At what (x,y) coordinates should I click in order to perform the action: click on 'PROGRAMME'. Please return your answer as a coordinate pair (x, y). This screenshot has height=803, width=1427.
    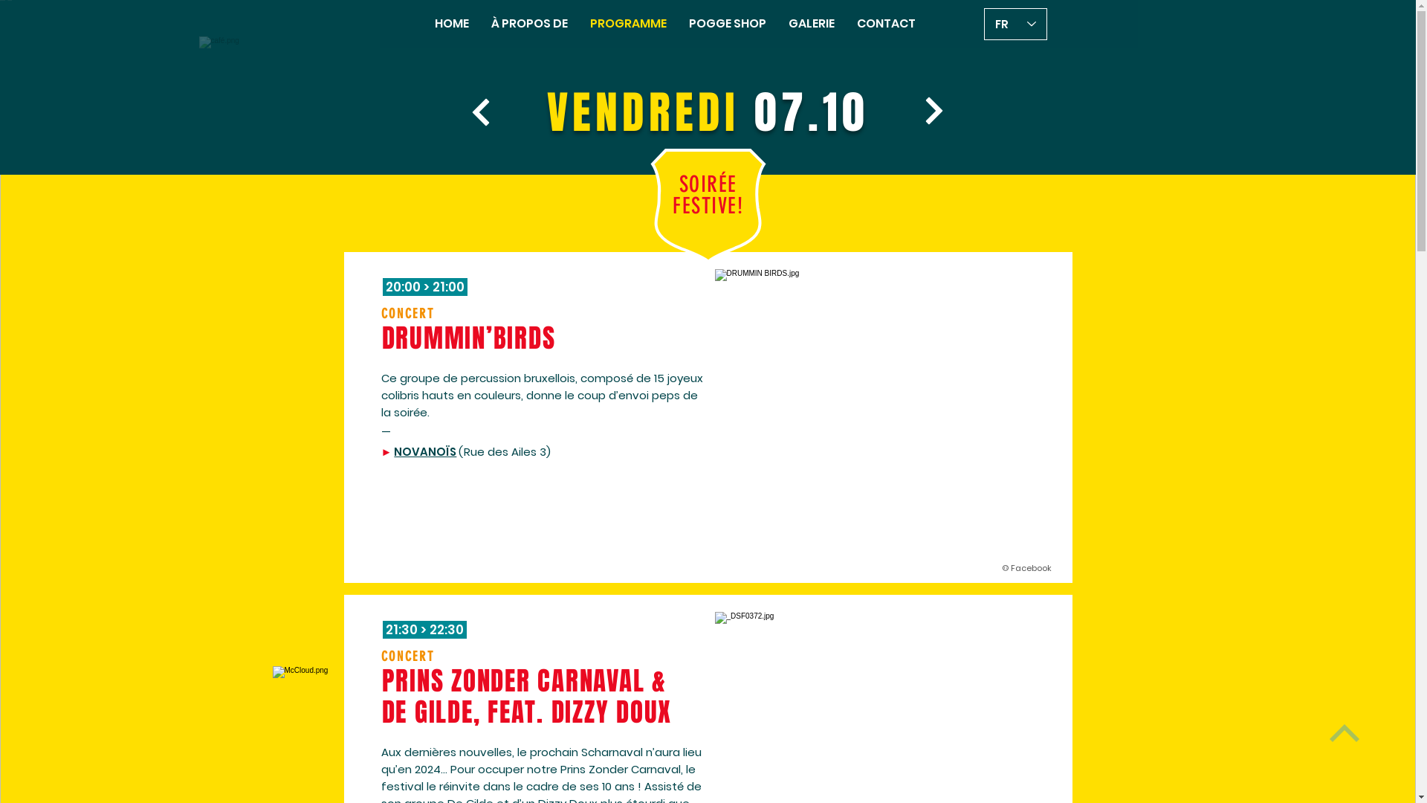
    Looking at the image, I should click on (628, 23).